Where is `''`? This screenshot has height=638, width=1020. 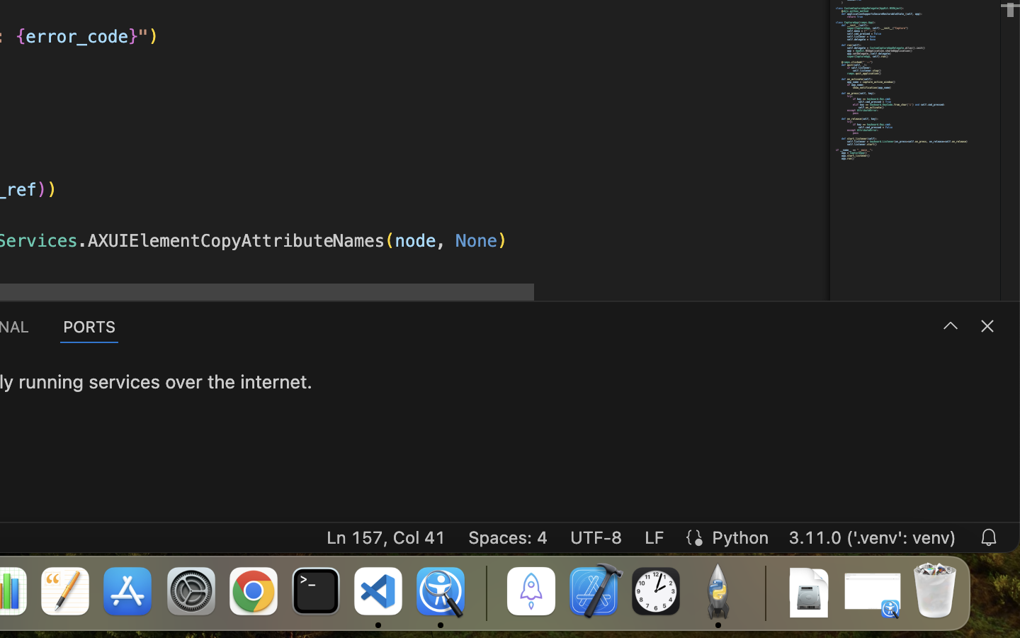 '' is located at coordinates (949, 325).